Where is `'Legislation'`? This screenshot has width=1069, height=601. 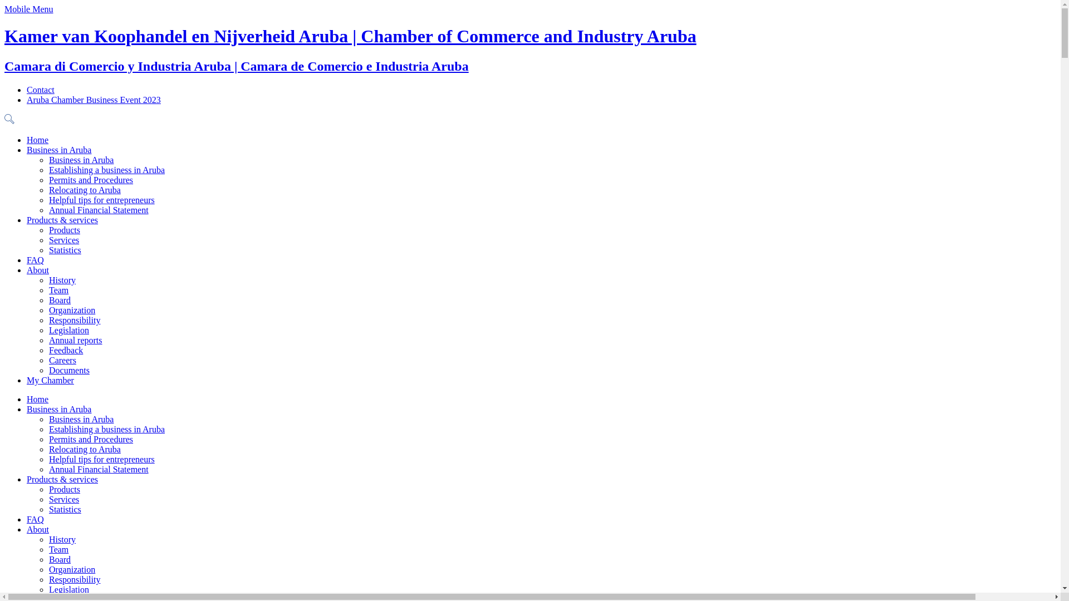
'Legislation' is located at coordinates (48, 589).